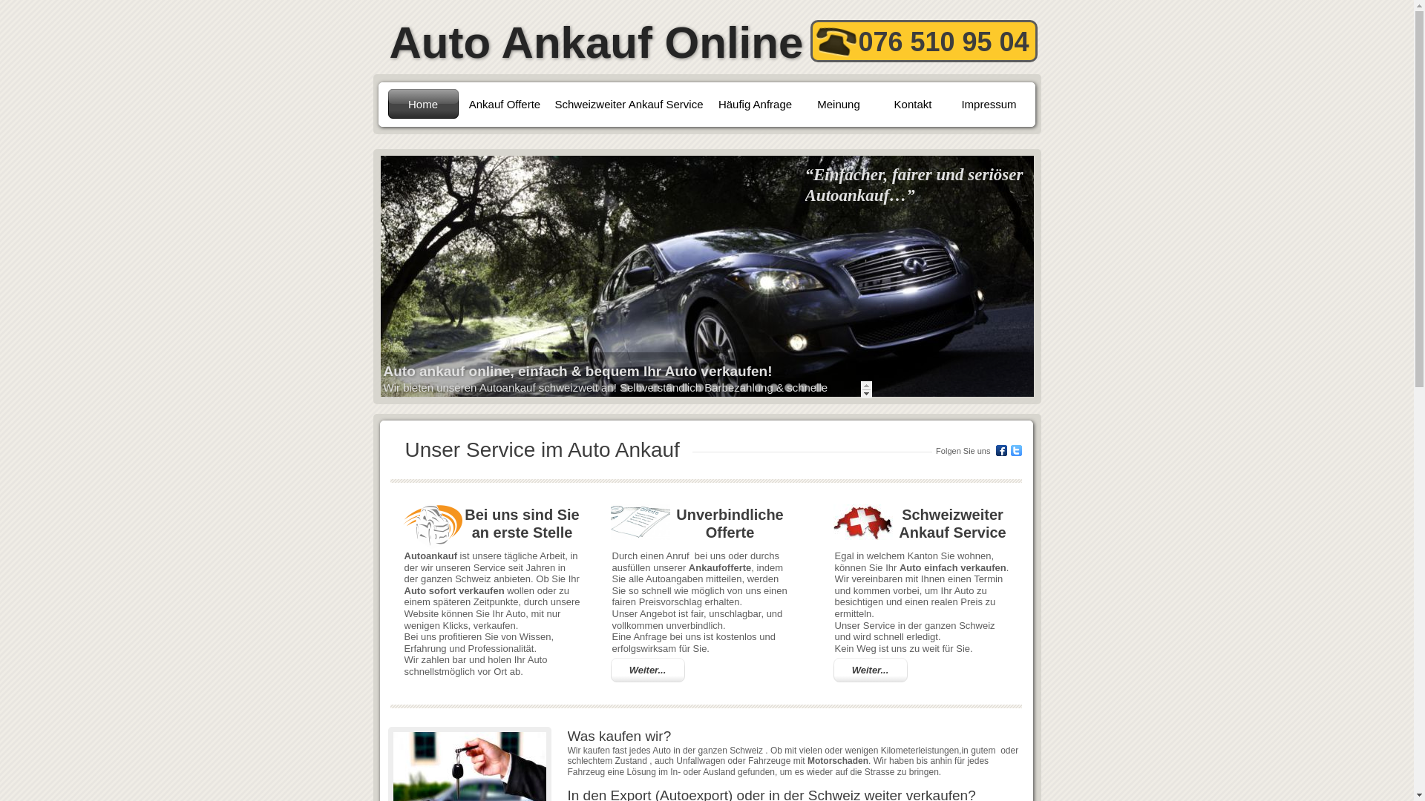  Describe the element at coordinates (453, 589) in the screenshot. I see `'Auto sofort verkaufen'` at that location.